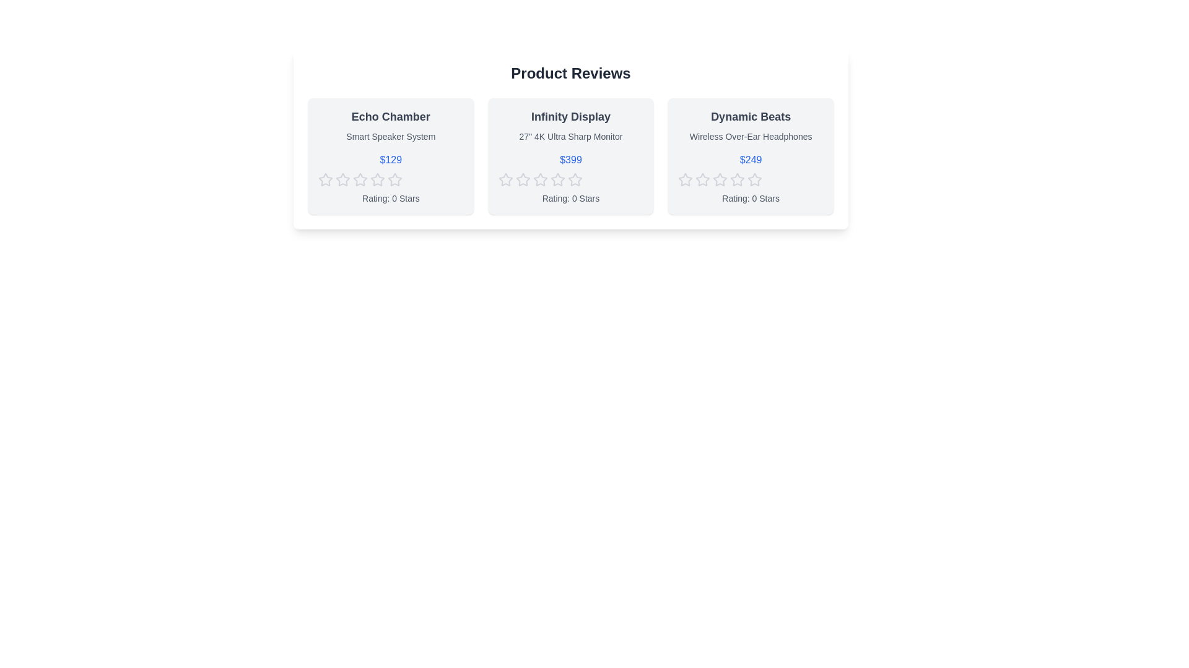 Image resolution: width=1189 pixels, height=668 pixels. What do you see at coordinates (720, 179) in the screenshot?
I see `the third star icon in the star rating system under the 'Dynamic Beats' product card for interaction` at bounding box center [720, 179].